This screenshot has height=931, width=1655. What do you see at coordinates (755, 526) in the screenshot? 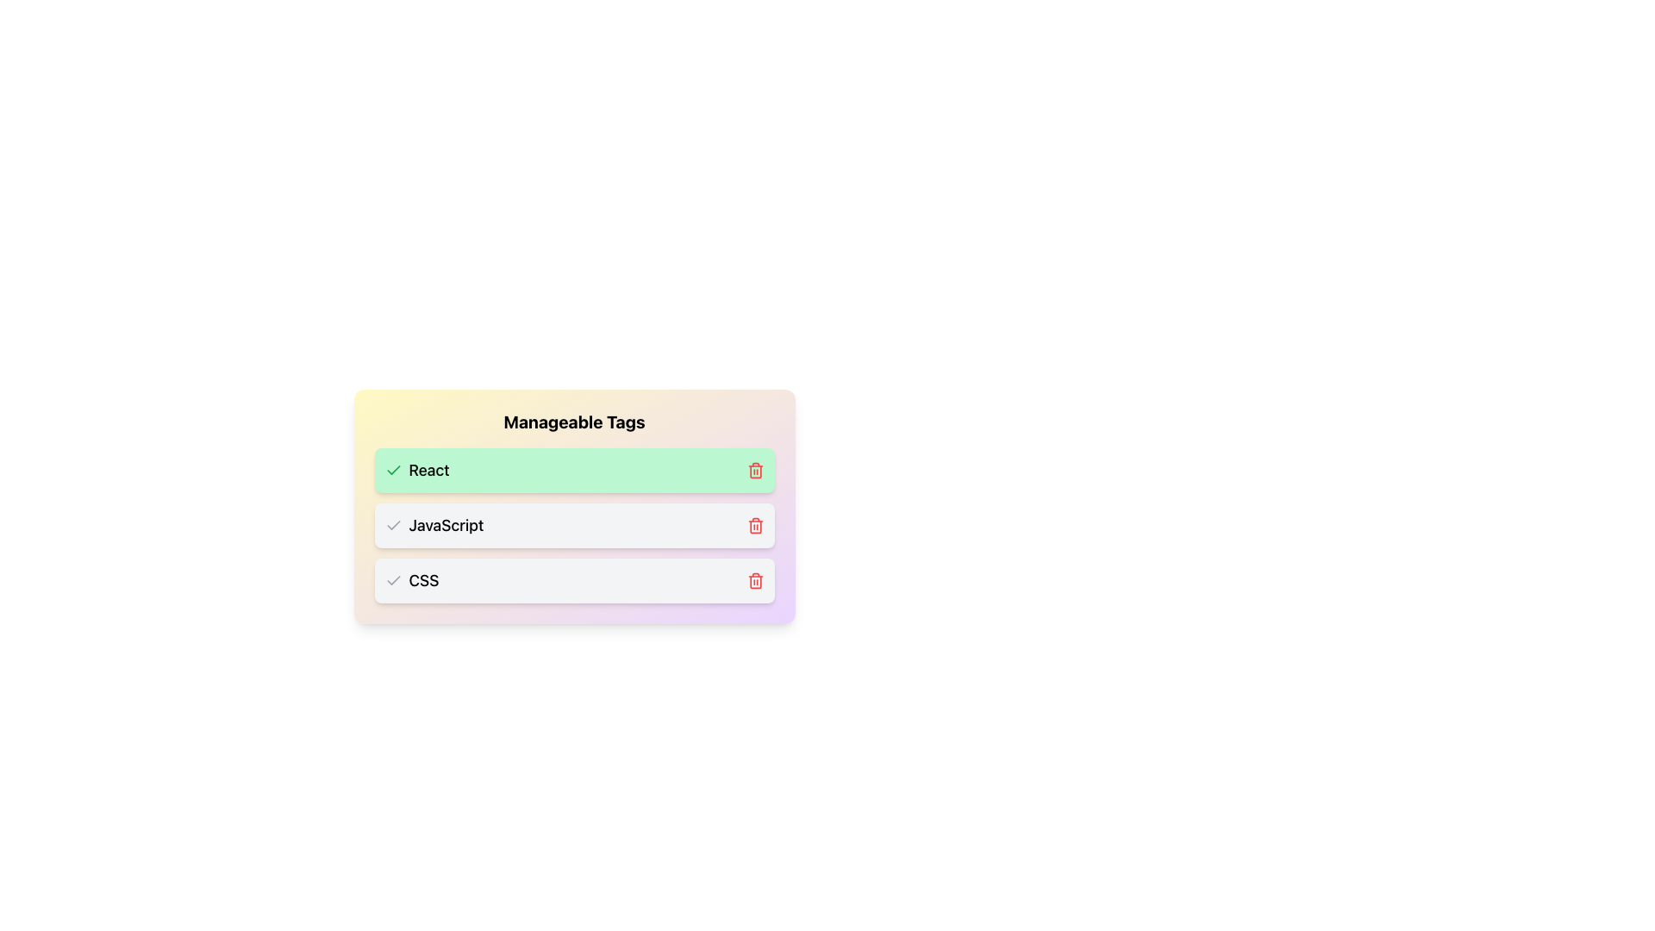
I see `the red trash can icon located to the right of the CSS label in the Manageable Tags card to change its color` at bounding box center [755, 526].